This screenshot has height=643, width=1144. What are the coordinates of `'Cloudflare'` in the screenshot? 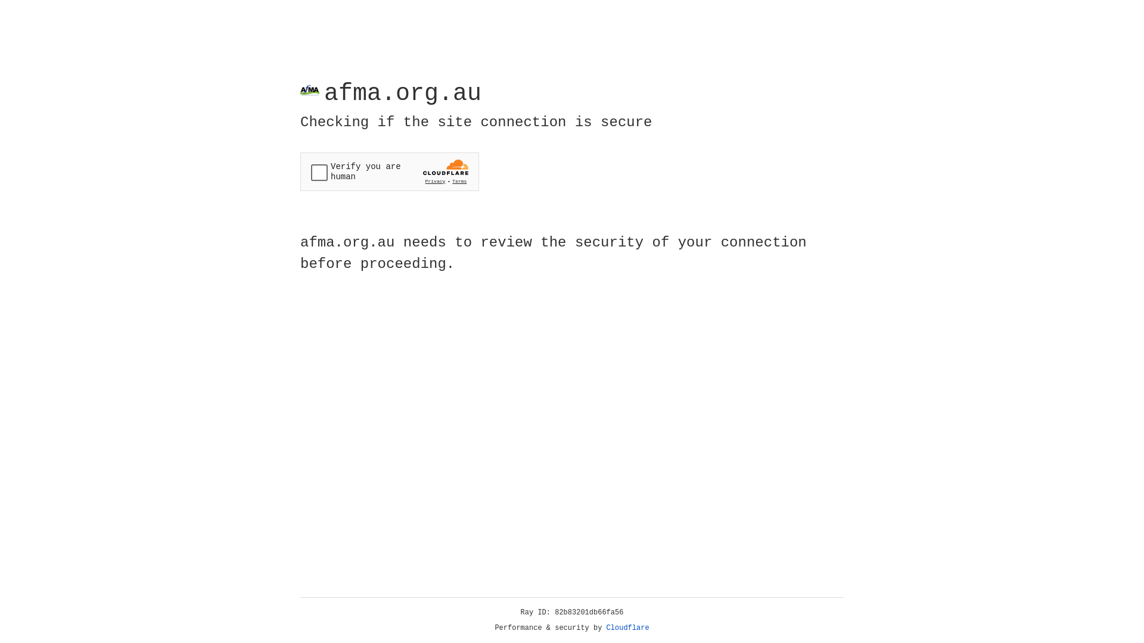 It's located at (627, 628).